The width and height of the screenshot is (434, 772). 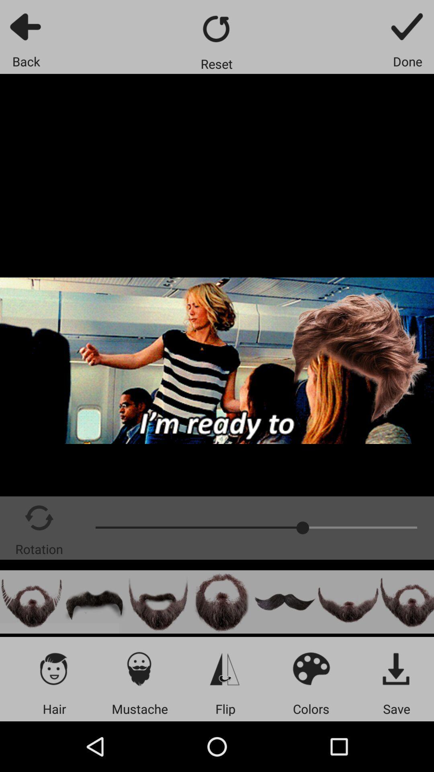 I want to click on reset icon, so click(x=216, y=29).